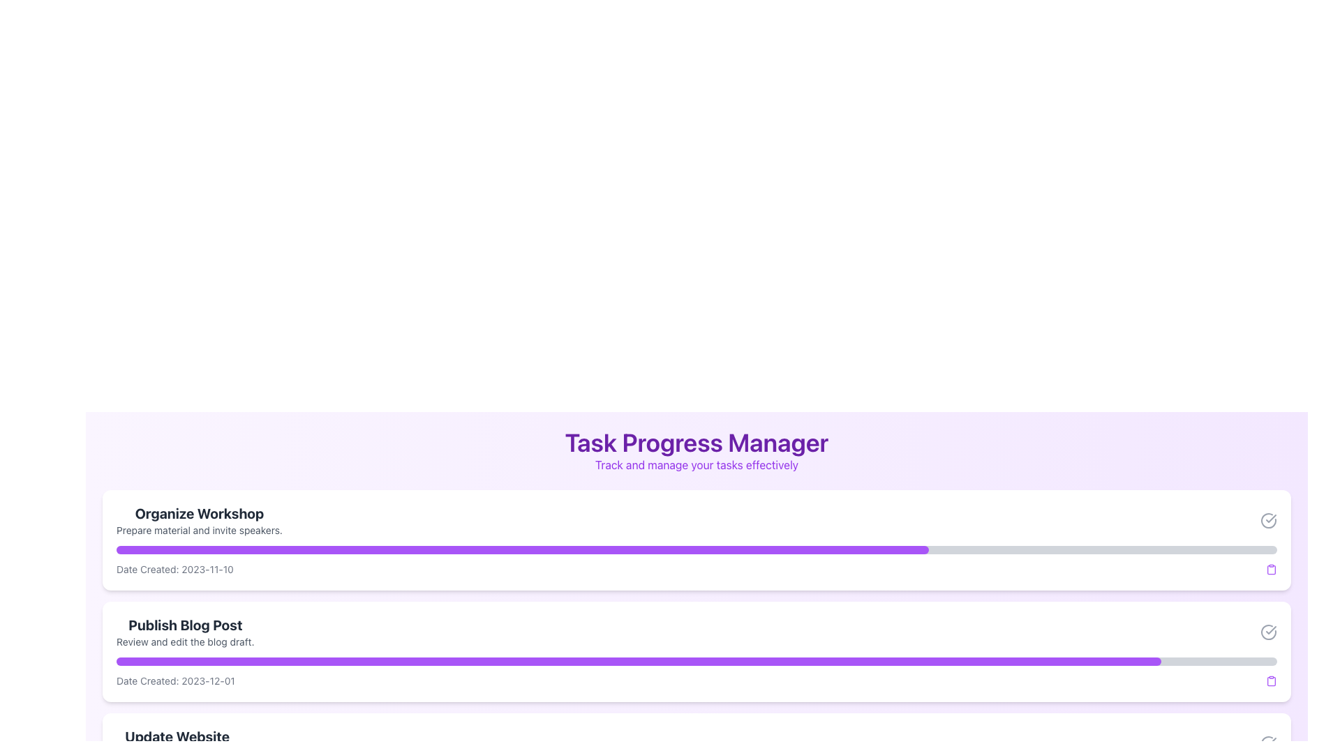 Image resolution: width=1340 pixels, height=753 pixels. Describe the element at coordinates (697, 632) in the screenshot. I see `the textual information display that provides the title and subtitle for publishing a blog post, which is the second task card in the vertical list` at that location.